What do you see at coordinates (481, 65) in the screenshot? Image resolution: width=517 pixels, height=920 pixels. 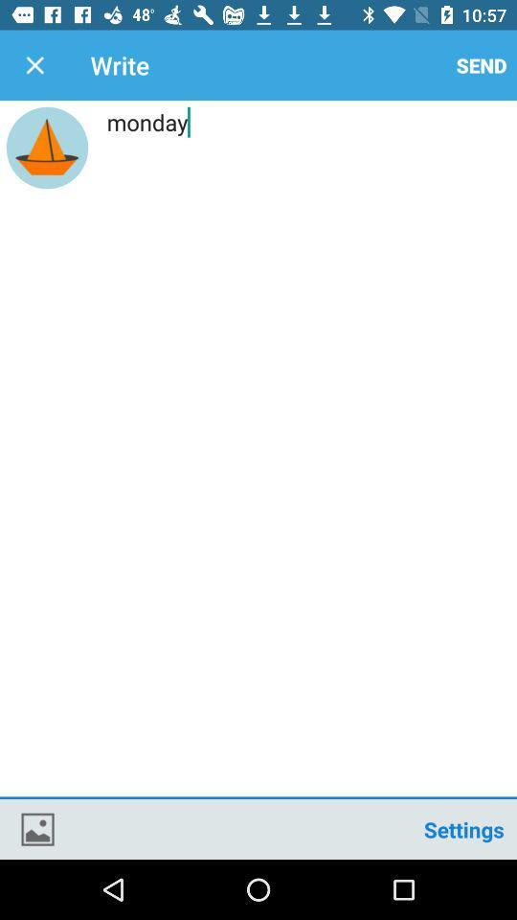 I see `the icon above monday icon` at bounding box center [481, 65].